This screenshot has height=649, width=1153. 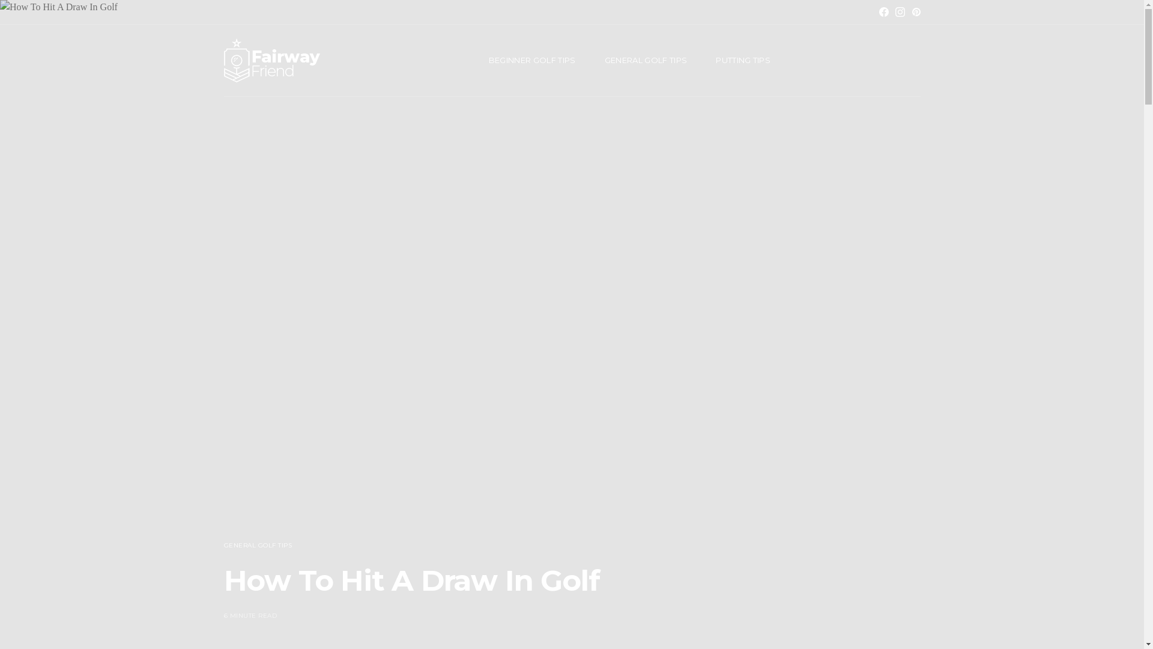 I want to click on 'PUTTING TIPS', so click(x=742, y=60).